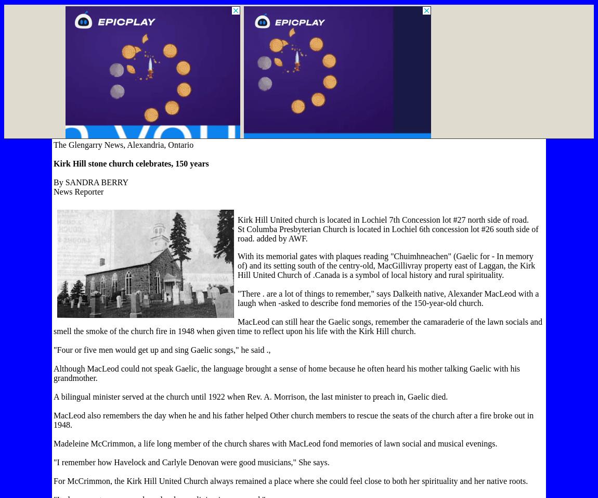 The height and width of the screenshot is (498, 598). What do you see at coordinates (291, 481) in the screenshot?
I see `'For McCrimmon, the Kirk Hill United Church always remained a place where she could 
feel close to both her spirituality and her native roots.'` at bounding box center [291, 481].